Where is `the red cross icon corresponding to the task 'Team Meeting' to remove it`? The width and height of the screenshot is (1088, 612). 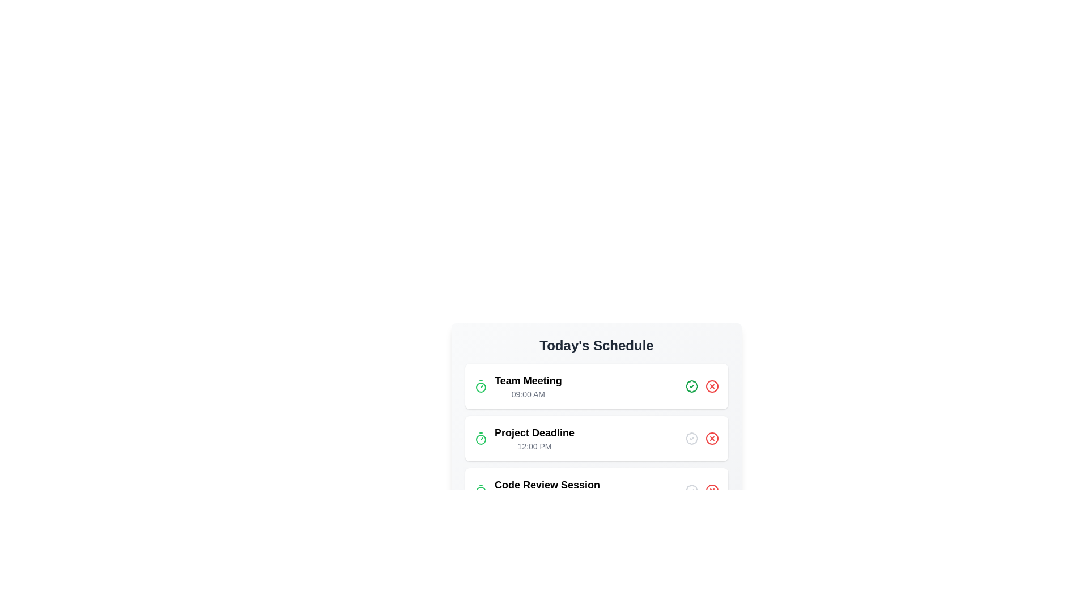
the red cross icon corresponding to the task 'Team Meeting' to remove it is located at coordinates (712, 386).